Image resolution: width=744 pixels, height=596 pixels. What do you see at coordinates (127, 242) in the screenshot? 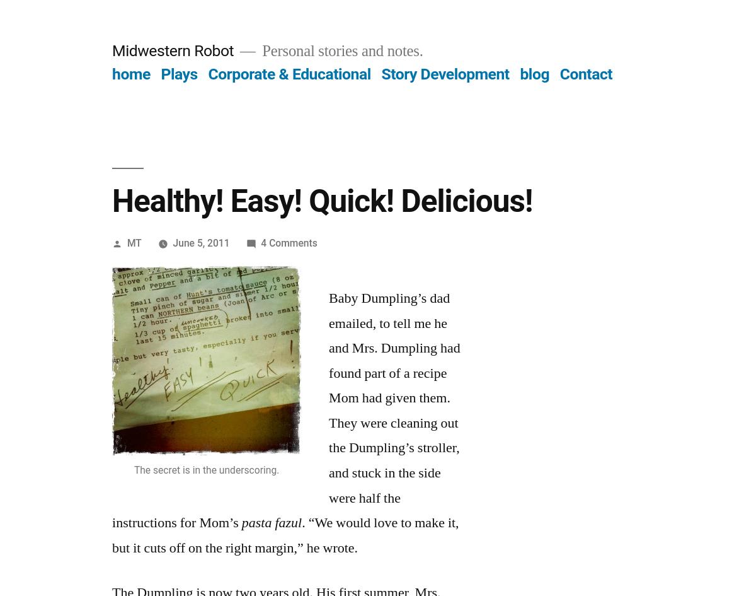
I see `'MT'` at bounding box center [127, 242].